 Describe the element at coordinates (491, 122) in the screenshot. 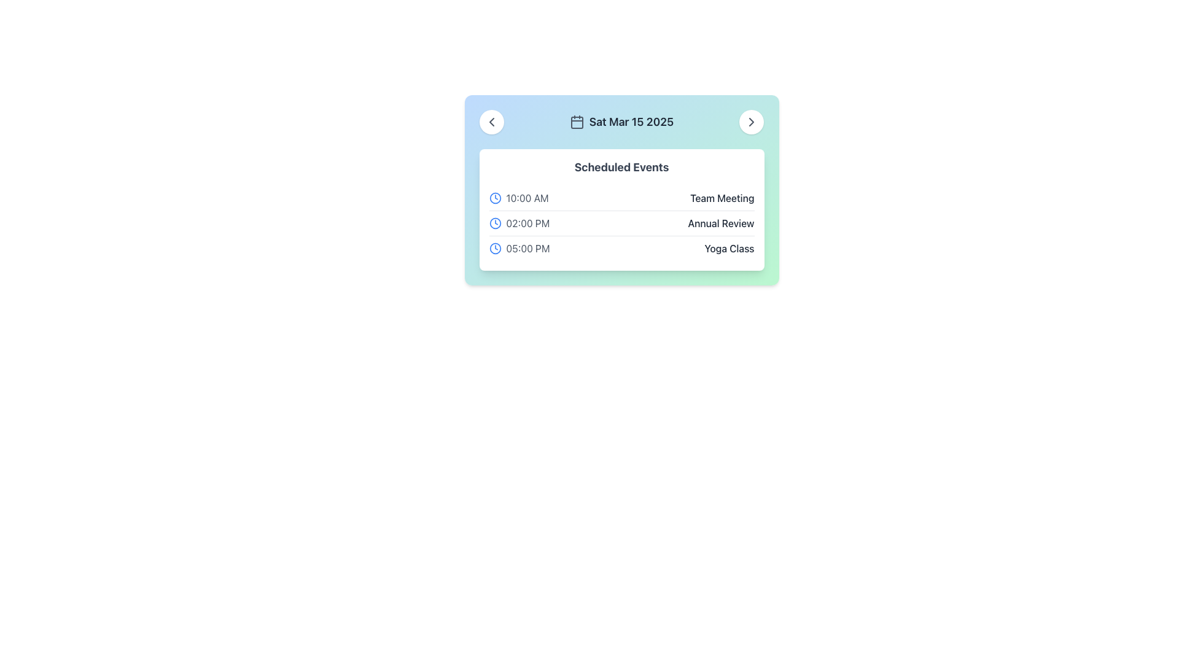

I see `the circular button with a white background and gray leftward chevron icon` at that location.